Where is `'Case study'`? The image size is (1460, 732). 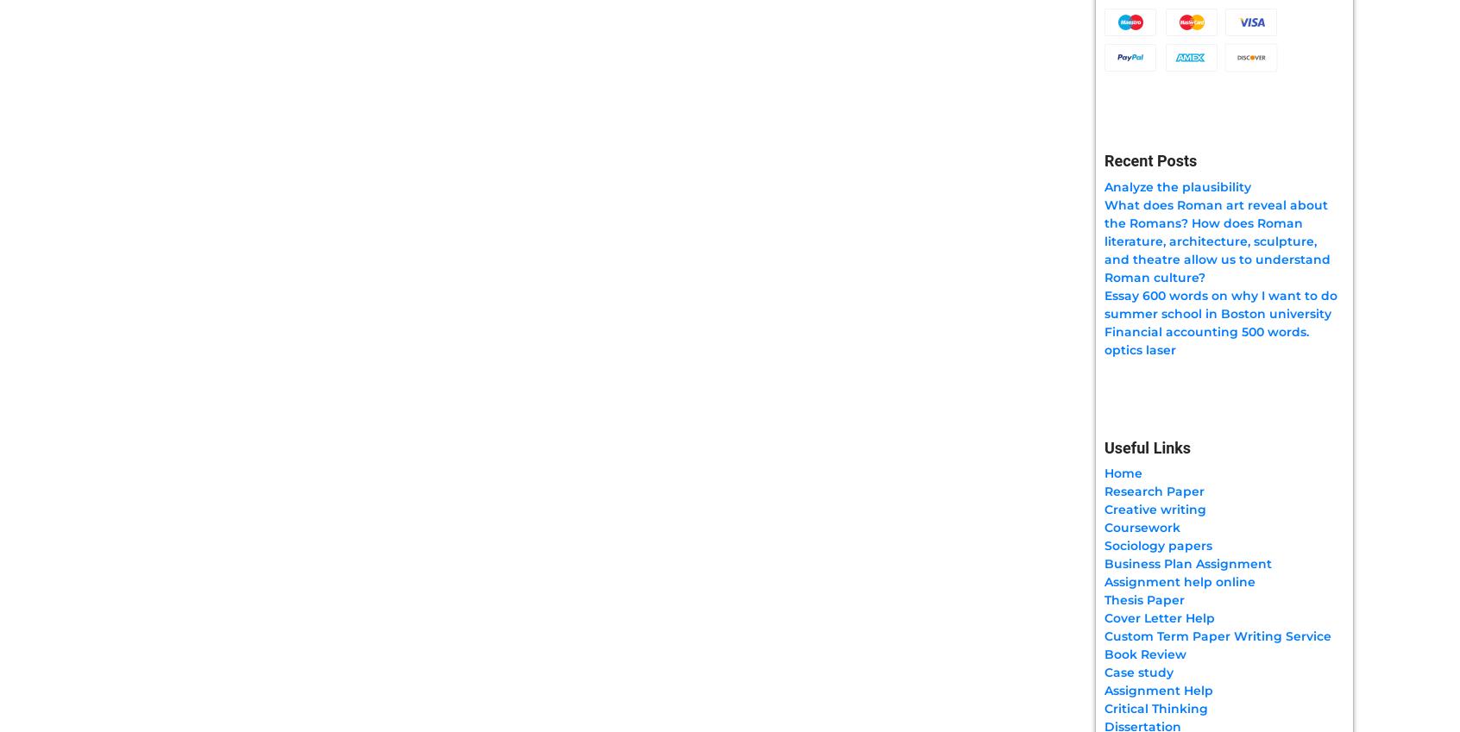 'Case study' is located at coordinates (1103, 671).